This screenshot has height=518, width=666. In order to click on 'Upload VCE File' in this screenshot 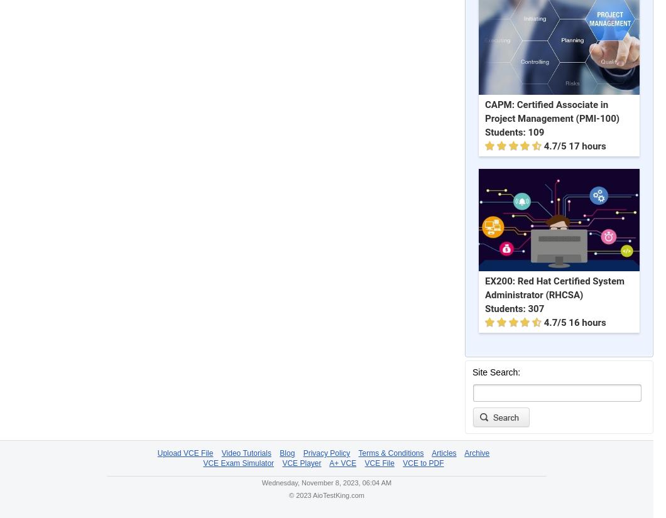, I will do `click(185, 453)`.